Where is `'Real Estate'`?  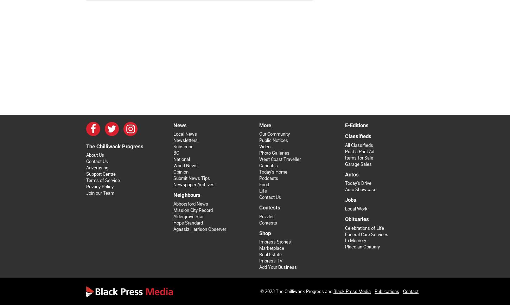 'Real Estate' is located at coordinates (259, 254).